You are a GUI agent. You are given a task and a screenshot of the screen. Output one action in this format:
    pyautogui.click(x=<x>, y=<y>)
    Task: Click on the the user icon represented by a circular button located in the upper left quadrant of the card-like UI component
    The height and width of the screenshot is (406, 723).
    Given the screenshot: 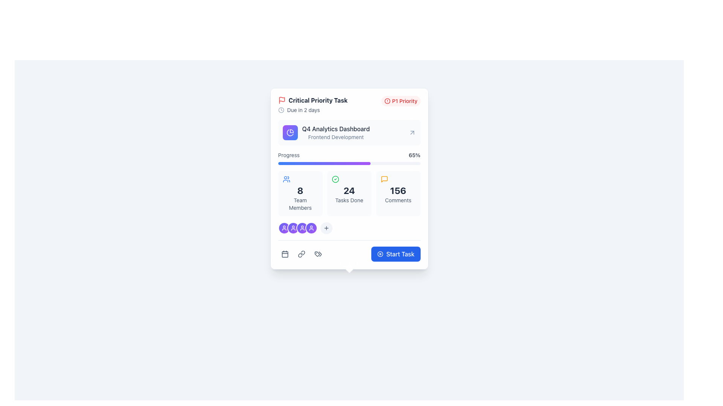 What is the action you would take?
    pyautogui.click(x=284, y=227)
    